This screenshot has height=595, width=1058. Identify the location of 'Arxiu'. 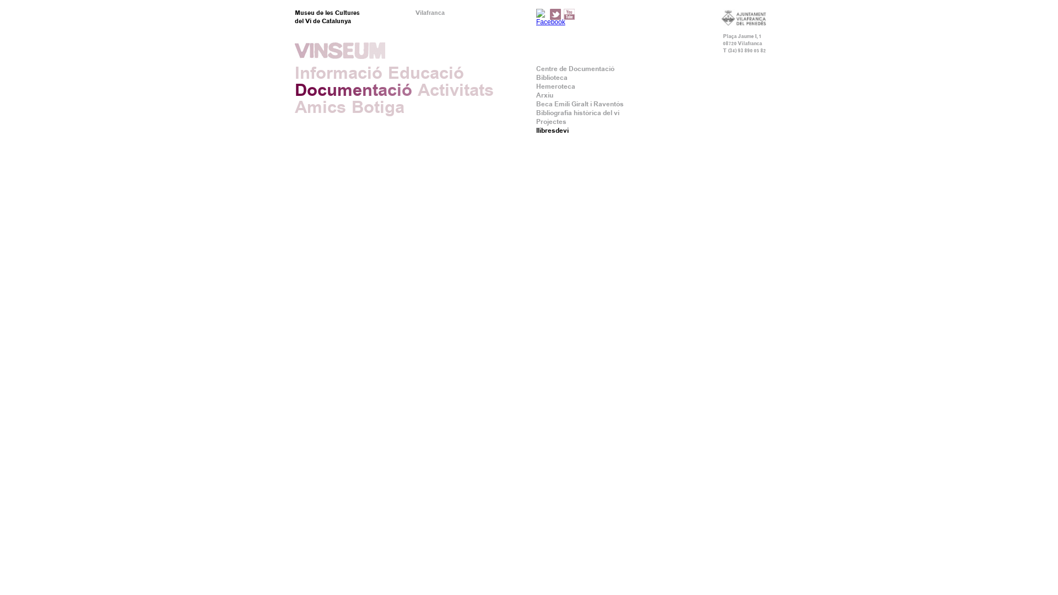
(536, 95).